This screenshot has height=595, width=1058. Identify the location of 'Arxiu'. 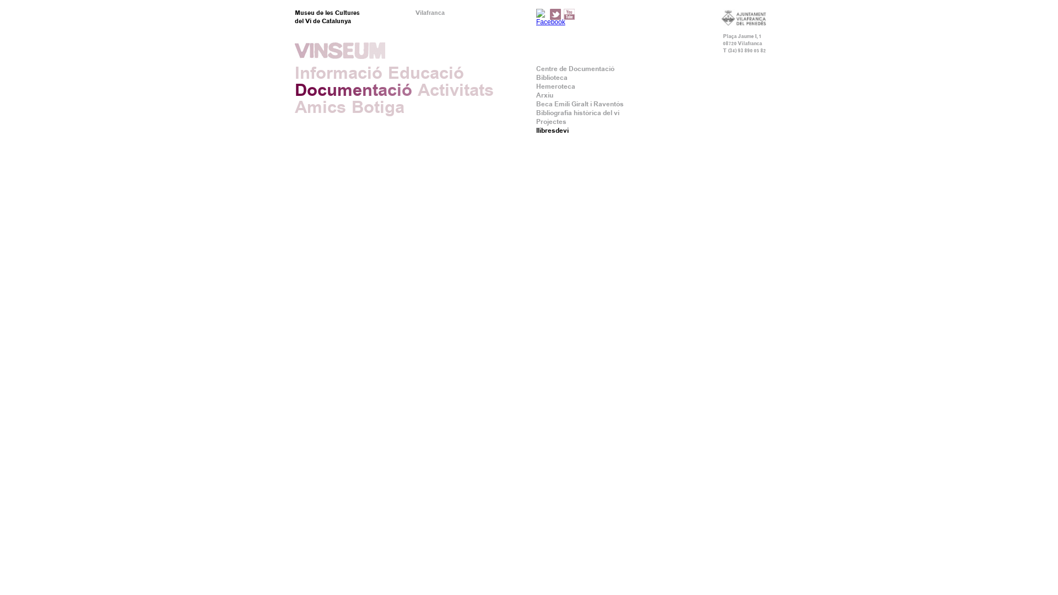
(536, 95).